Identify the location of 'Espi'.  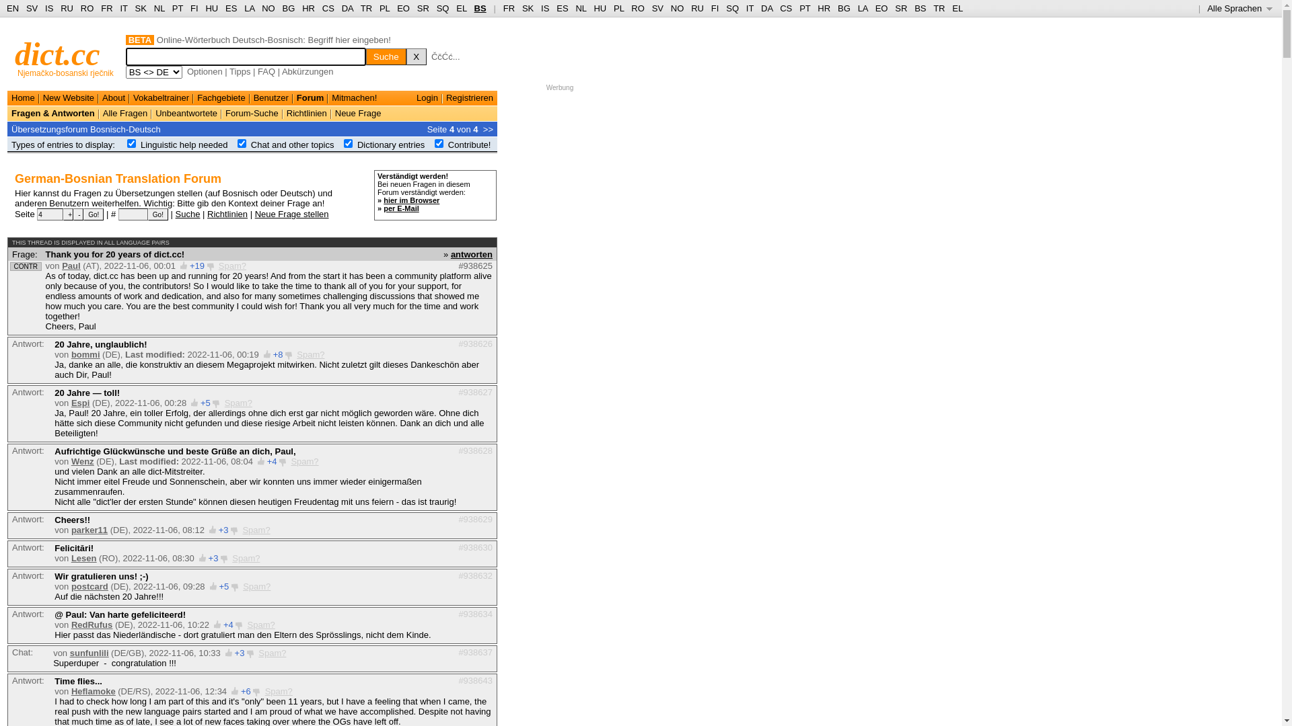
(79, 402).